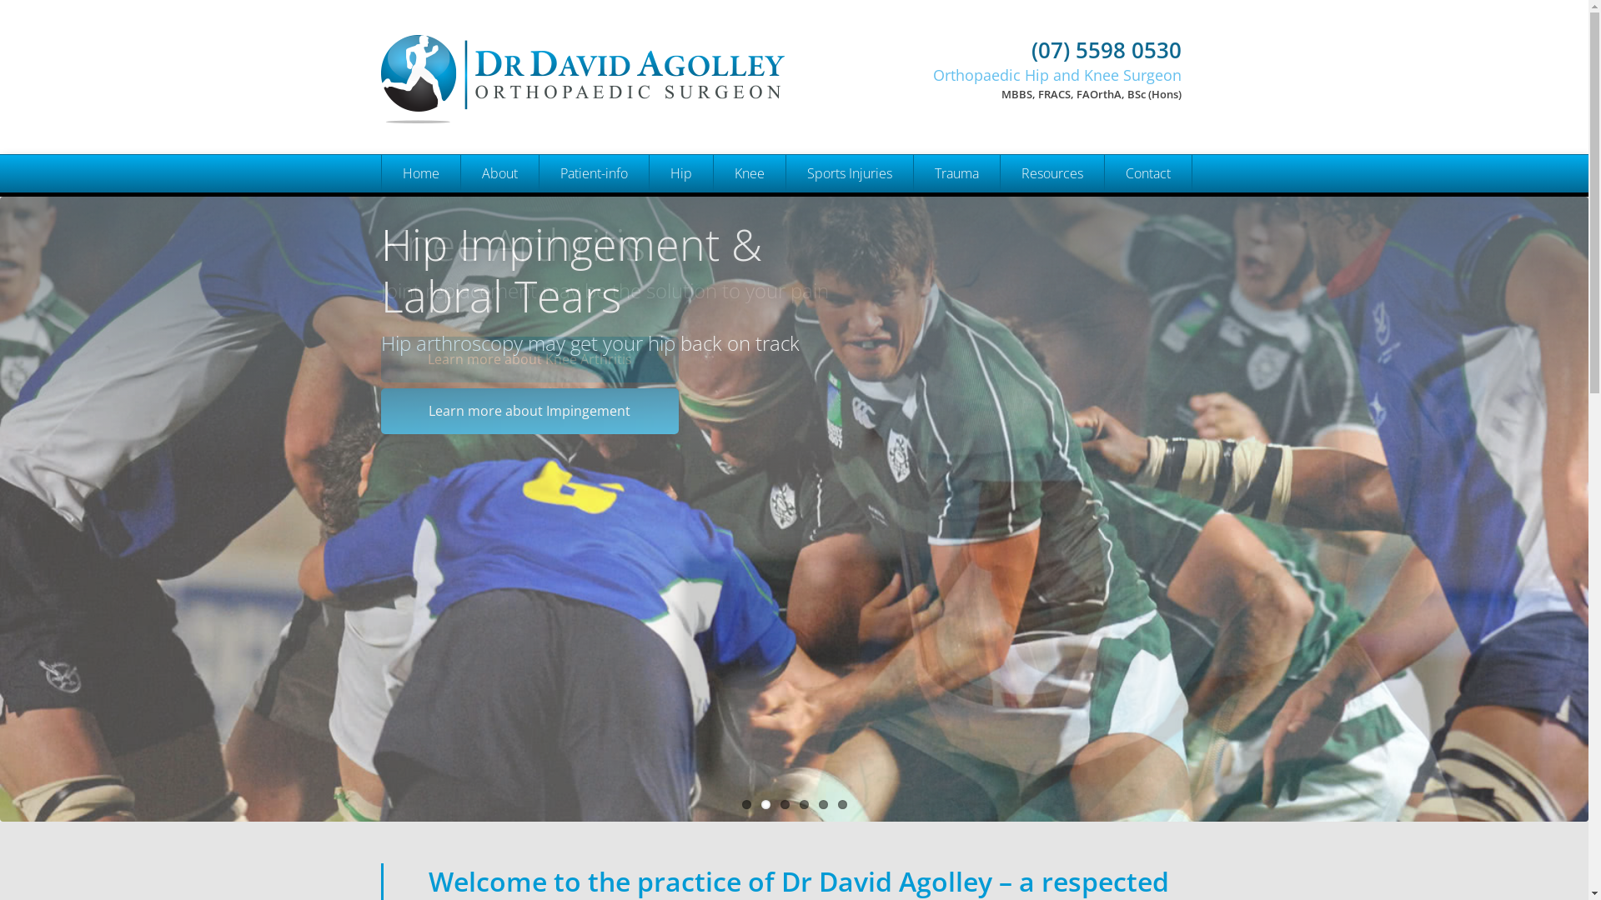  Describe the element at coordinates (680, 285) in the screenshot. I see `'Hip Arthroscopy'` at that location.